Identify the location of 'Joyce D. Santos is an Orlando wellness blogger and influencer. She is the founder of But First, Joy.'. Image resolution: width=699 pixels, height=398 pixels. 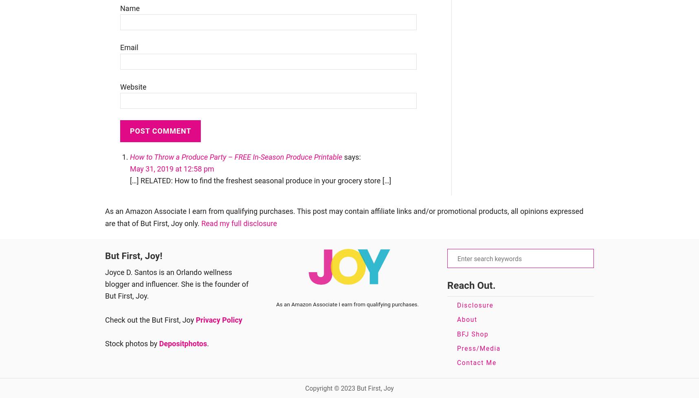
(176, 284).